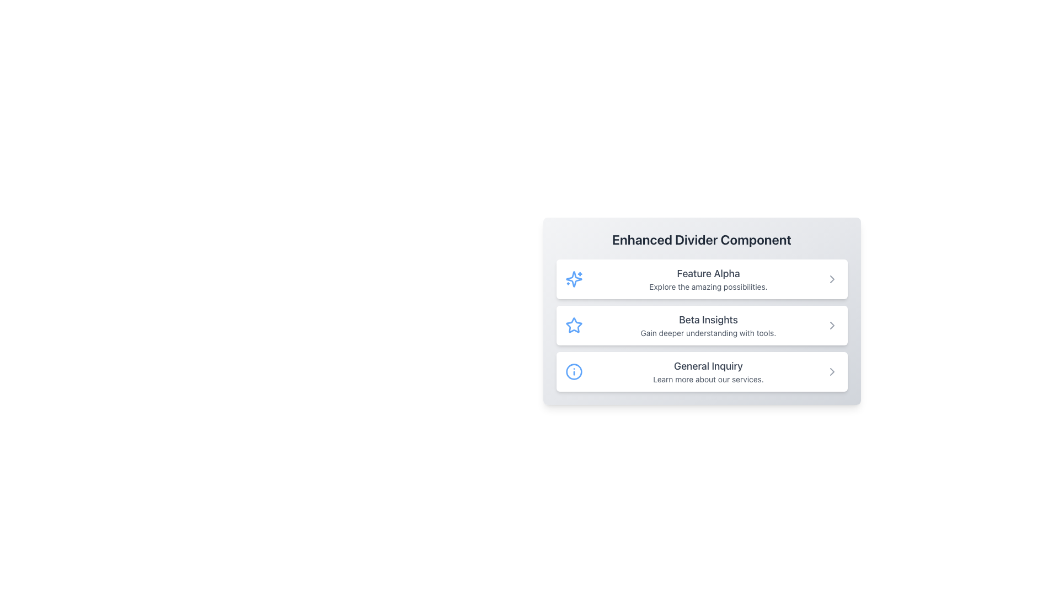 This screenshot has height=595, width=1059. What do you see at coordinates (708, 333) in the screenshot?
I see `the descriptive tagline element below the 'Beta Insights' headline, which provides additional information related to that section` at bounding box center [708, 333].